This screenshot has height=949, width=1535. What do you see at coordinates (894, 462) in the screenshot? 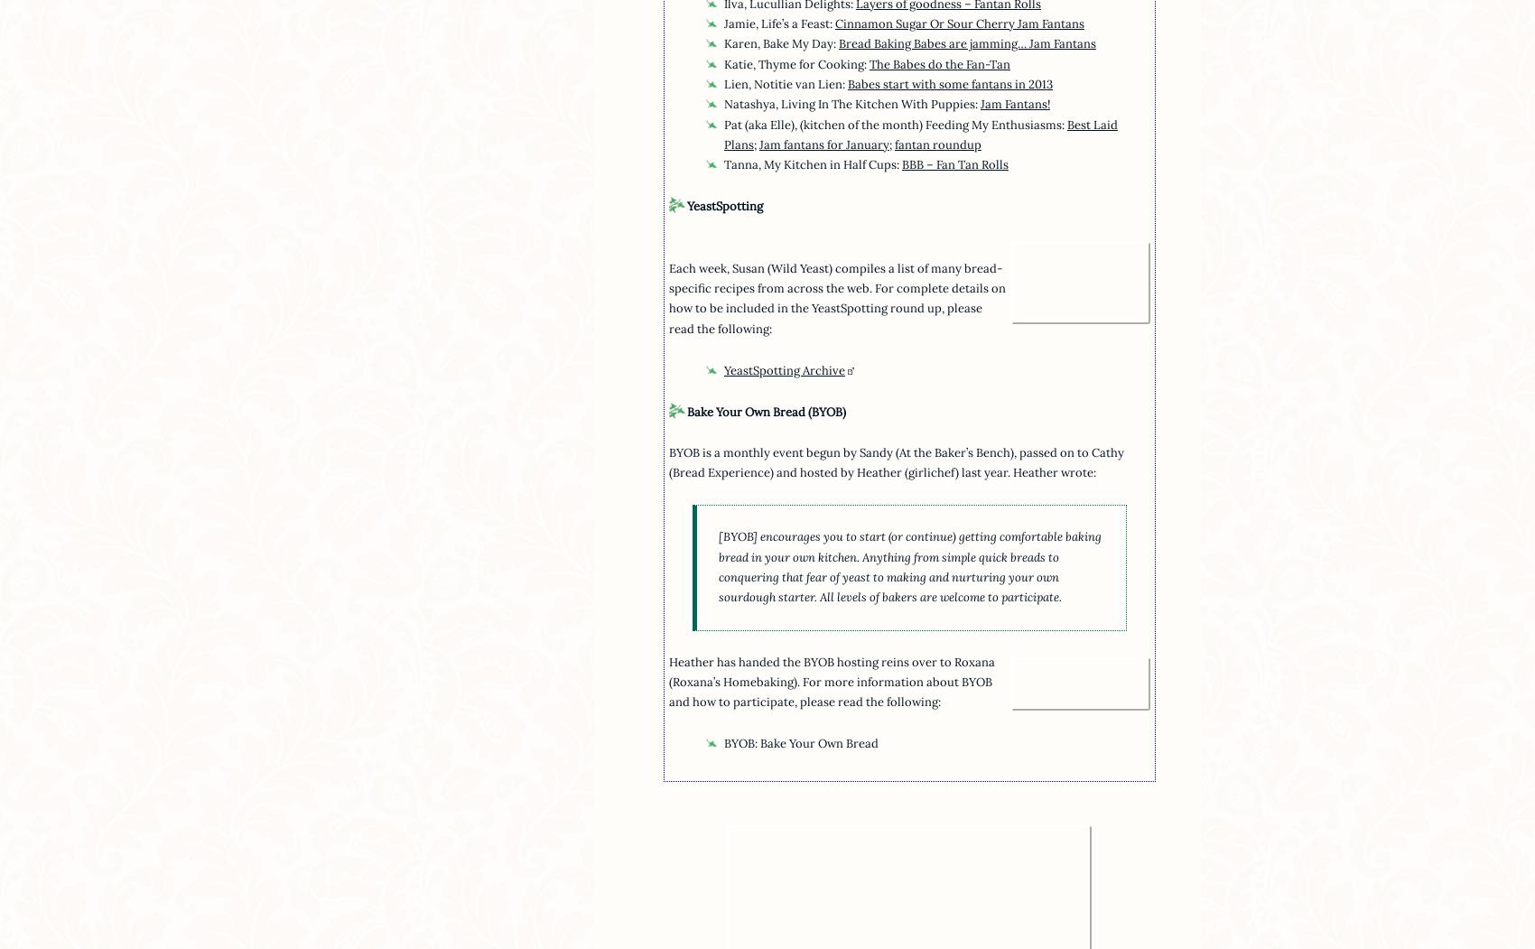
I see `'BYOB is a monthly event begun by Sandy (At the Baker’s Bench), passed on to Cathy (Bread Experience) and hosted by Heather (girlichef) last year. Heather wrote:'` at bounding box center [894, 462].